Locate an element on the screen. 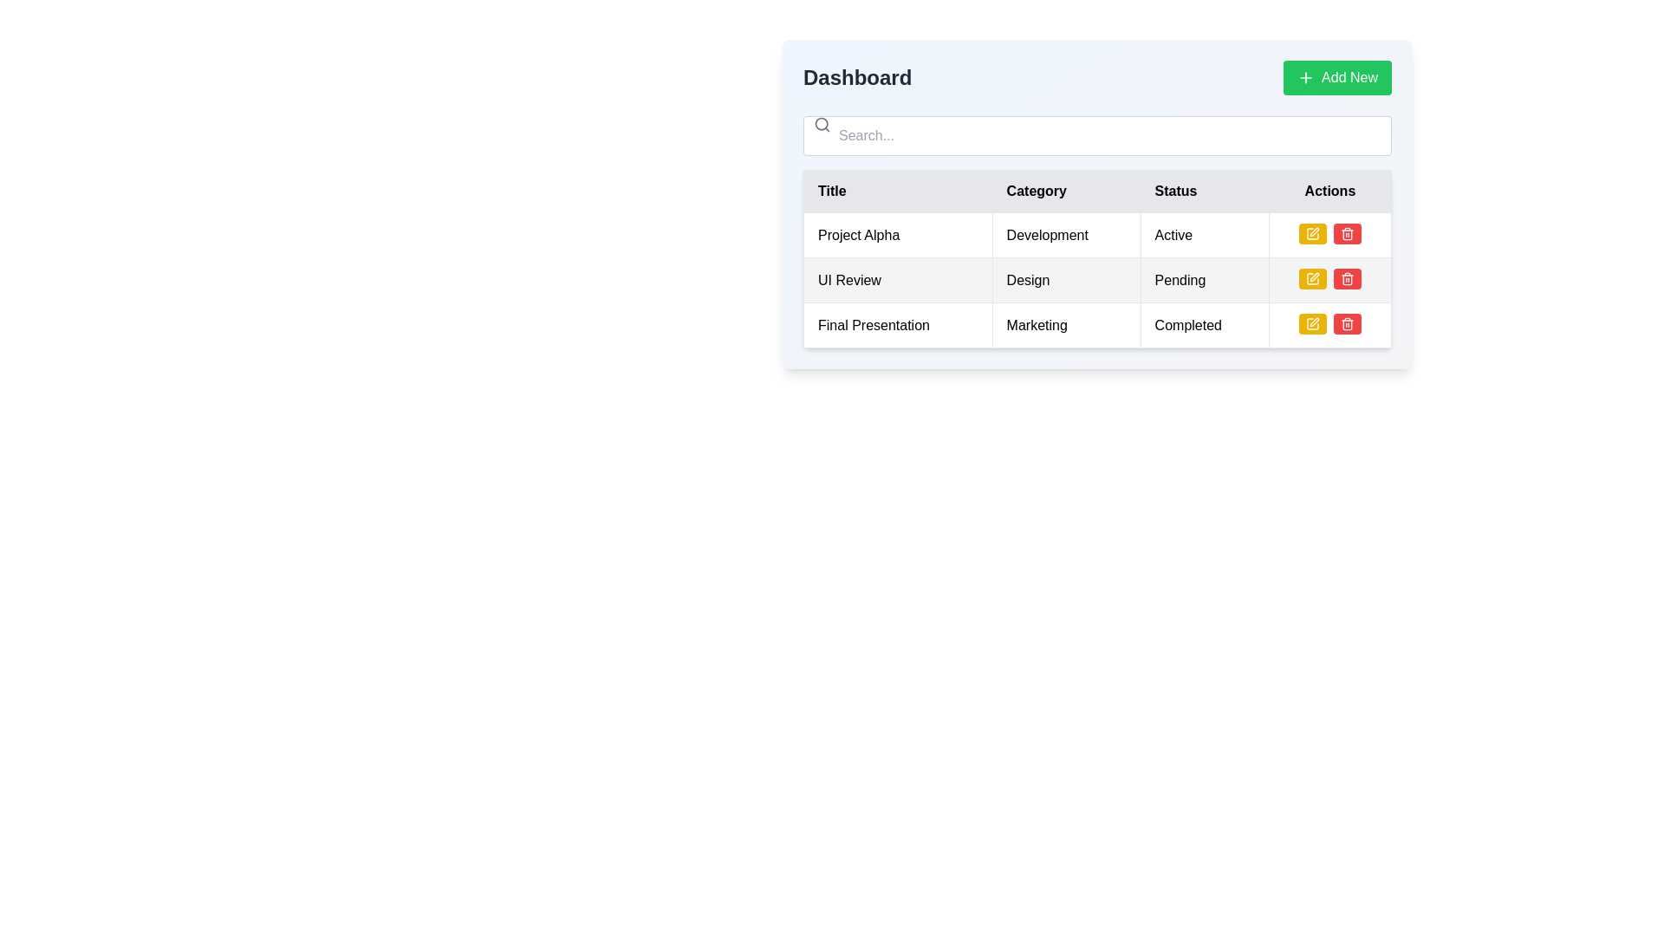  the rectangular red button with rounded corners and a white trash icon, located in the last row of the 'Actions' column is located at coordinates (1347, 324).